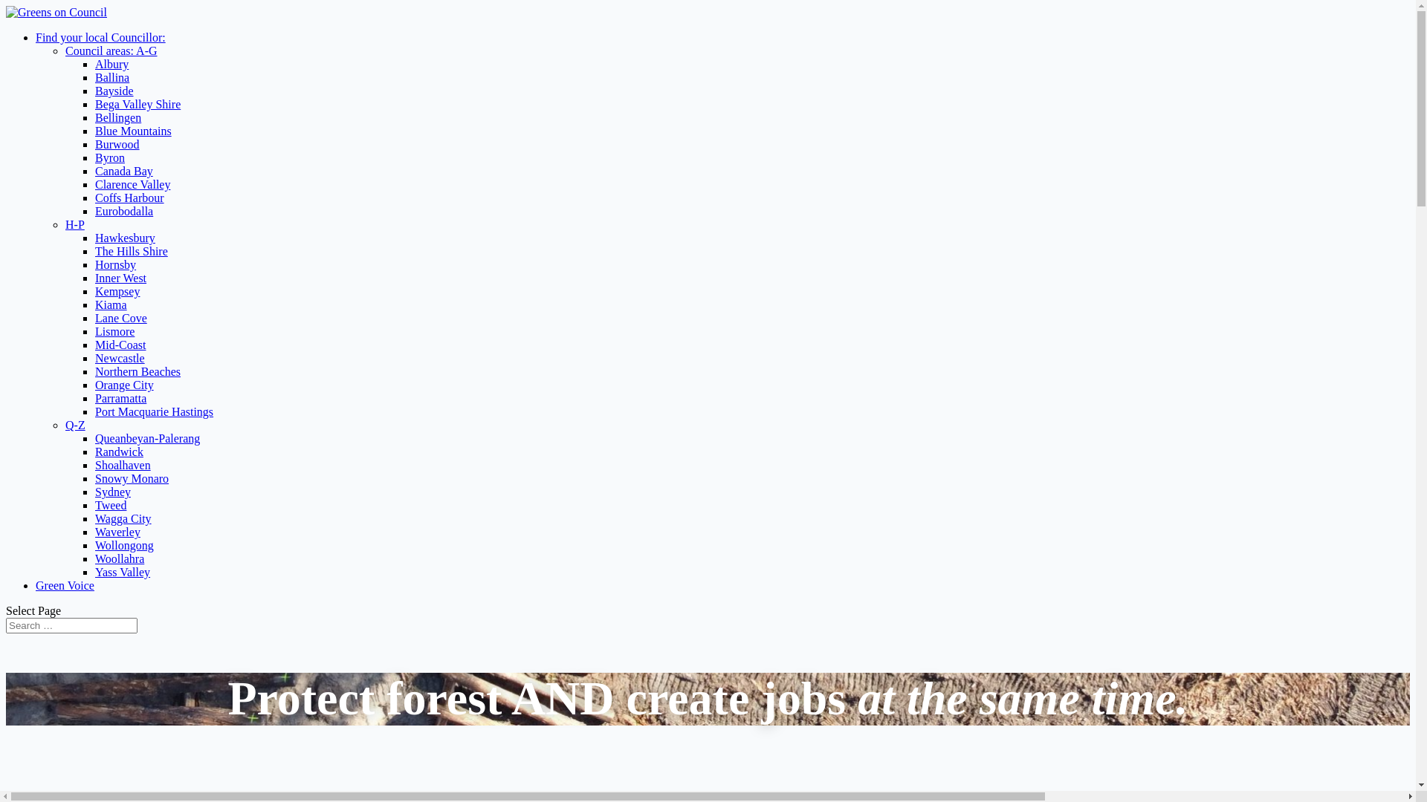  What do you see at coordinates (94, 384) in the screenshot?
I see `'Orange City'` at bounding box center [94, 384].